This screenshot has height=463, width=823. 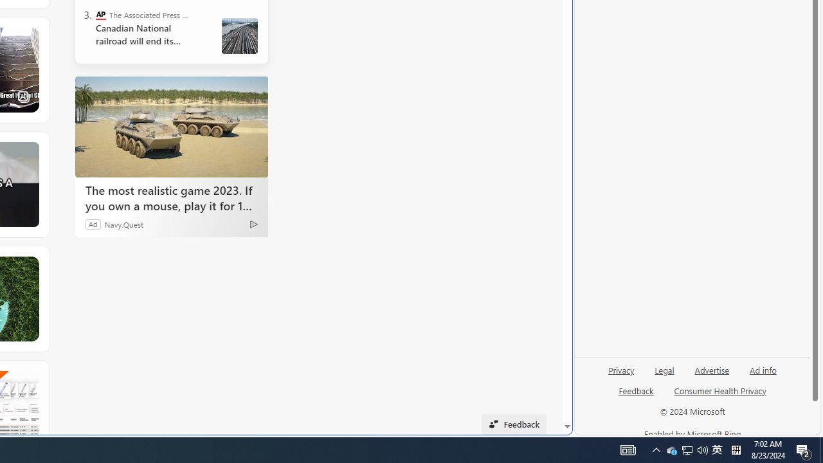 What do you see at coordinates (100, 15) in the screenshot?
I see `'The Associated Press - Business News'` at bounding box center [100, 15].